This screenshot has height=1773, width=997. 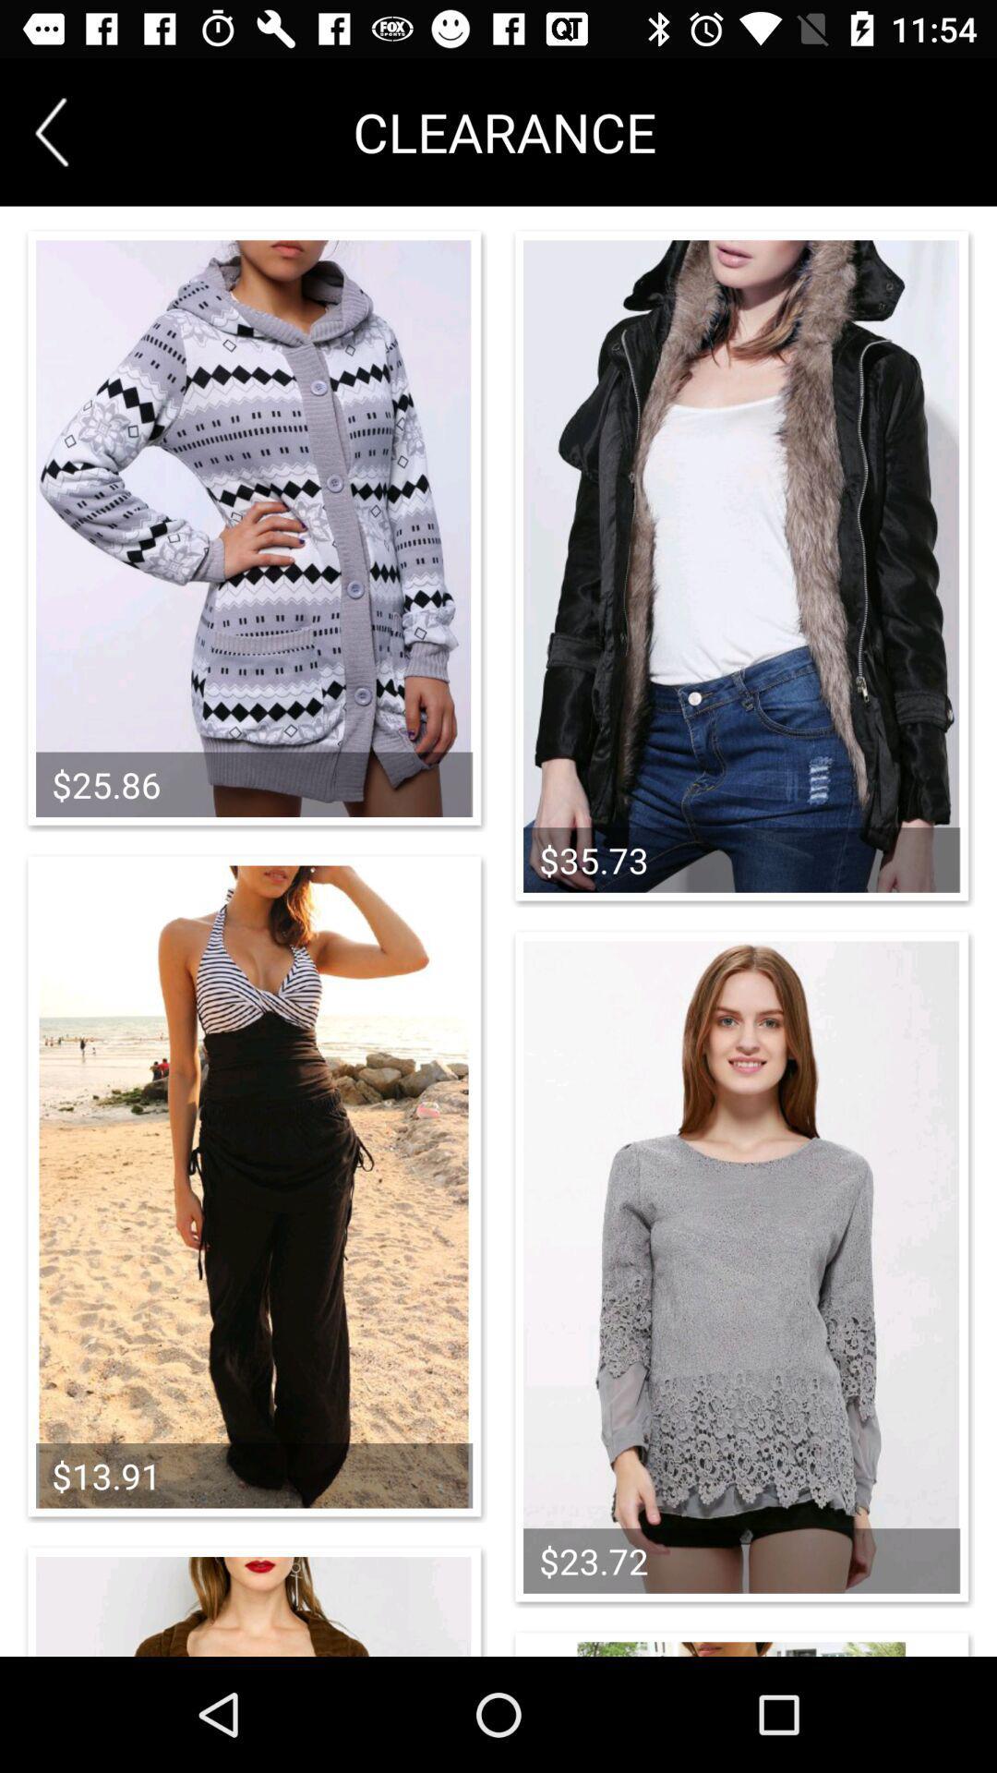 I want to click on previous screen, so click(x=51, y=131).